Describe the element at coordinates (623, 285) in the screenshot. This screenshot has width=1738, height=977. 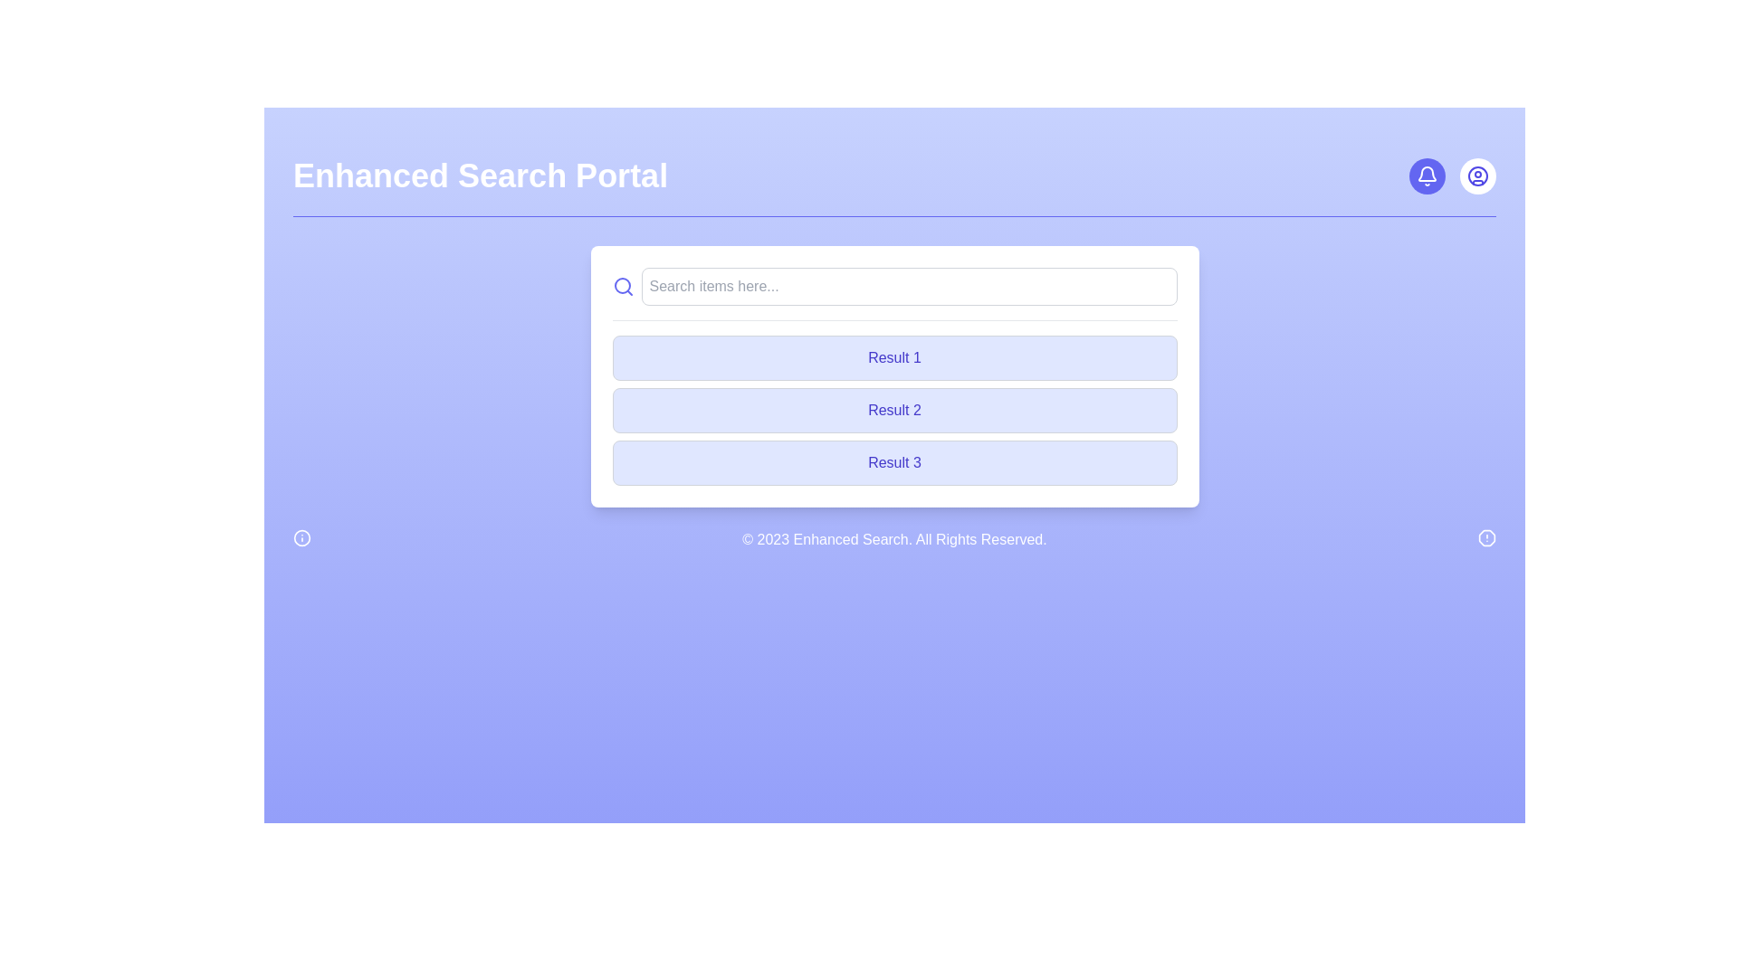
I see `the search icon represented by a circular magnifying glass with a handle, located at the top left corner of the white card before the text input field` at that location.